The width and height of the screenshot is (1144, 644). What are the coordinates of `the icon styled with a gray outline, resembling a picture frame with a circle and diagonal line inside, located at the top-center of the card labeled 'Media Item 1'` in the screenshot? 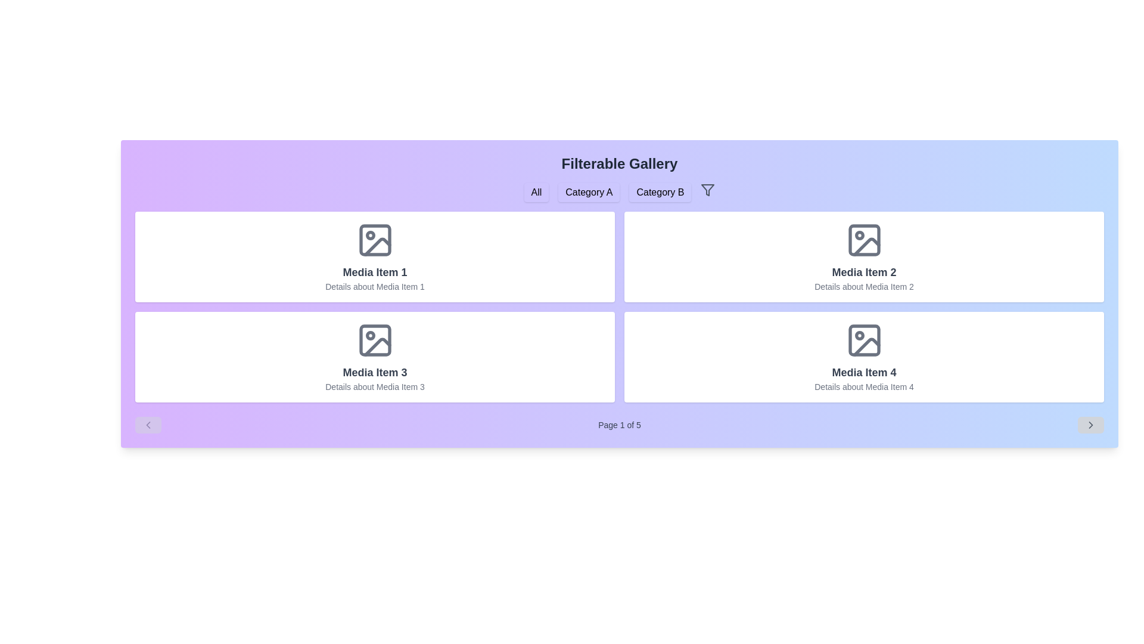 It's located at (374, 240).